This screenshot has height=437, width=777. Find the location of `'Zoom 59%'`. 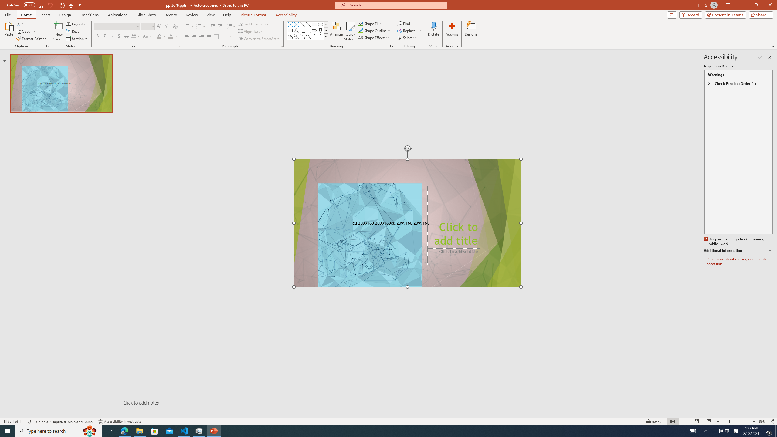

'Zoom 59%' is located at coordinates (763, 422).